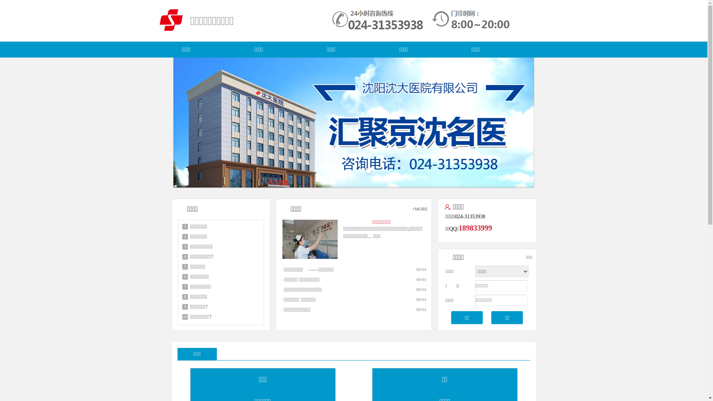 This screenshot has height=401, width=713. Describe the element at coordinates (411, 209) in the screenshot. I see `'+MORE'` at that location.